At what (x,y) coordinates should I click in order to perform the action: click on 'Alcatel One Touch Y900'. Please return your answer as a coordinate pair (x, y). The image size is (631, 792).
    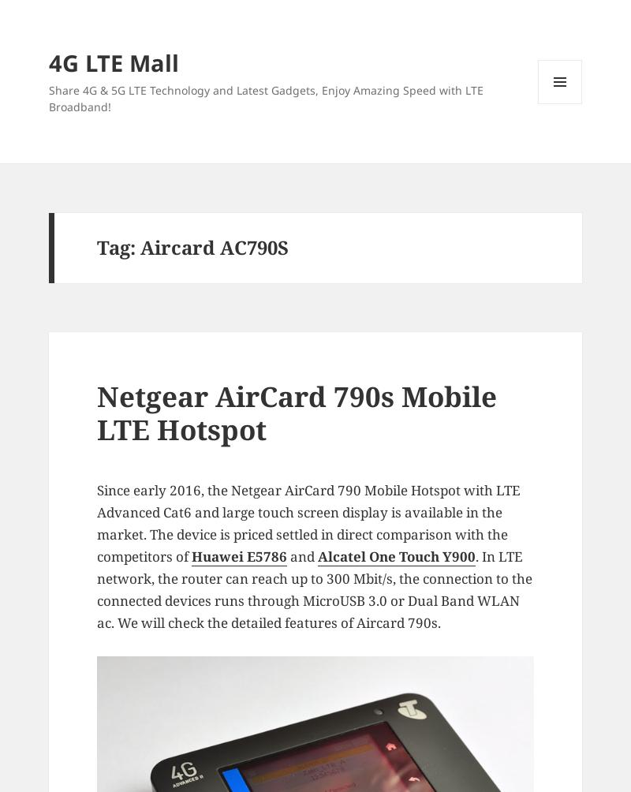
    Looking at the image, I should click on (396, 555).